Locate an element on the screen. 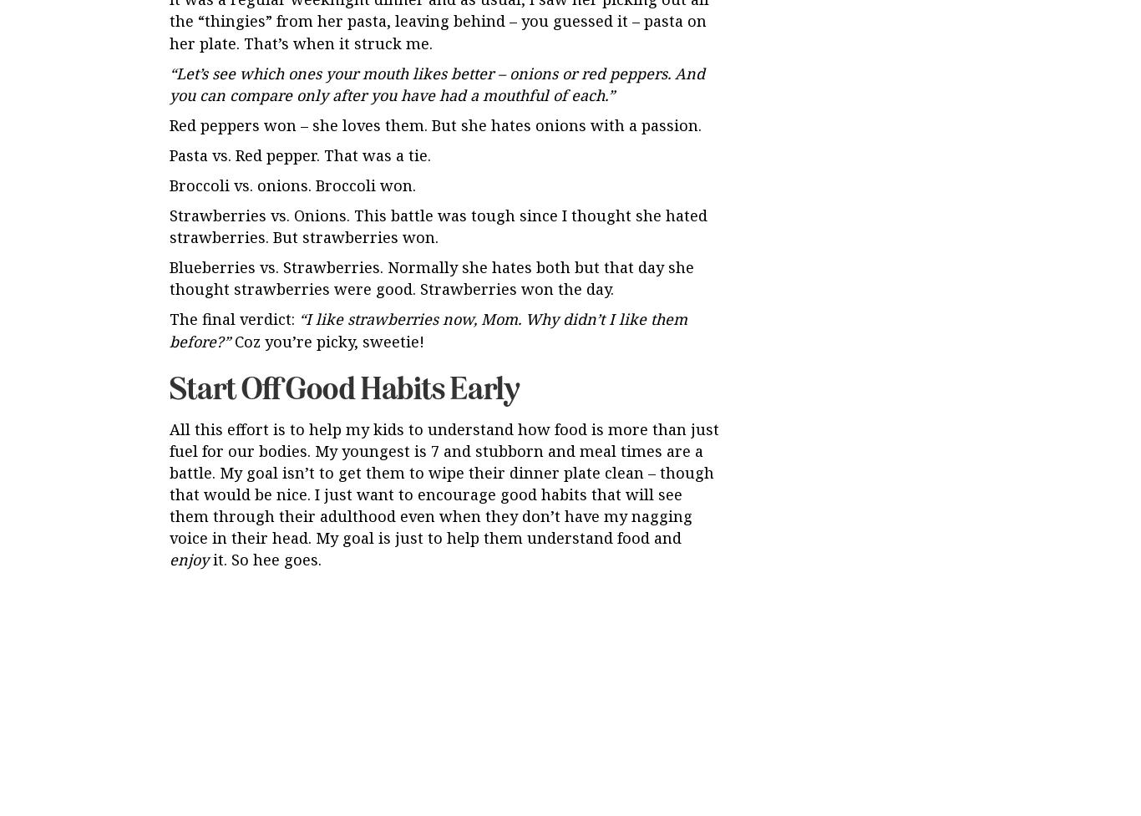 The image size is (1141, 816). 'Red peppers won – she loves them. But she hates onions with a passion.' is located at coordinates (435, 124).